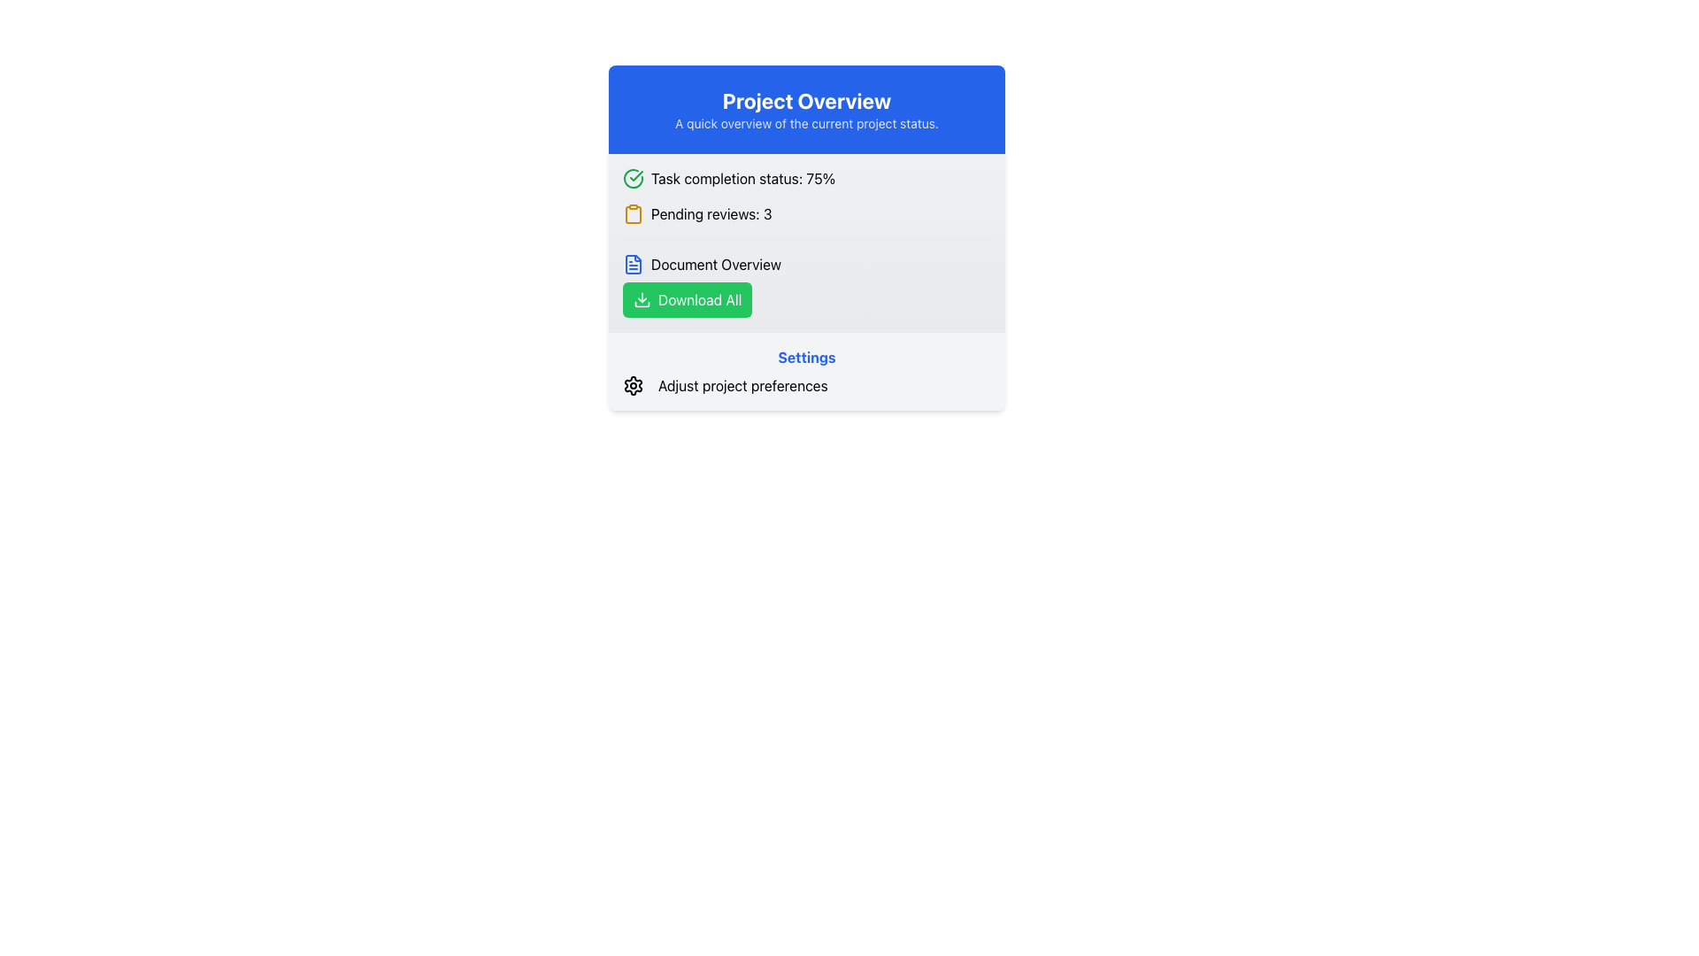 This screenshot has width=1699, height=956. I want to click on the informational text displaying 'Task completion status: 75%' which is aligned with a green checkmark icon to the left, so click(743, 178).